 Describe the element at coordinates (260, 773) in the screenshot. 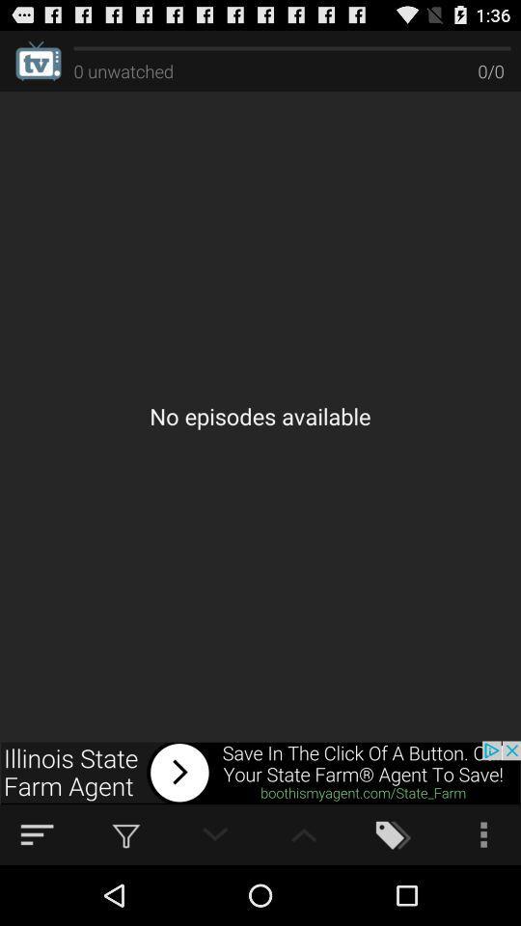

I see `open advertisement` at that location.